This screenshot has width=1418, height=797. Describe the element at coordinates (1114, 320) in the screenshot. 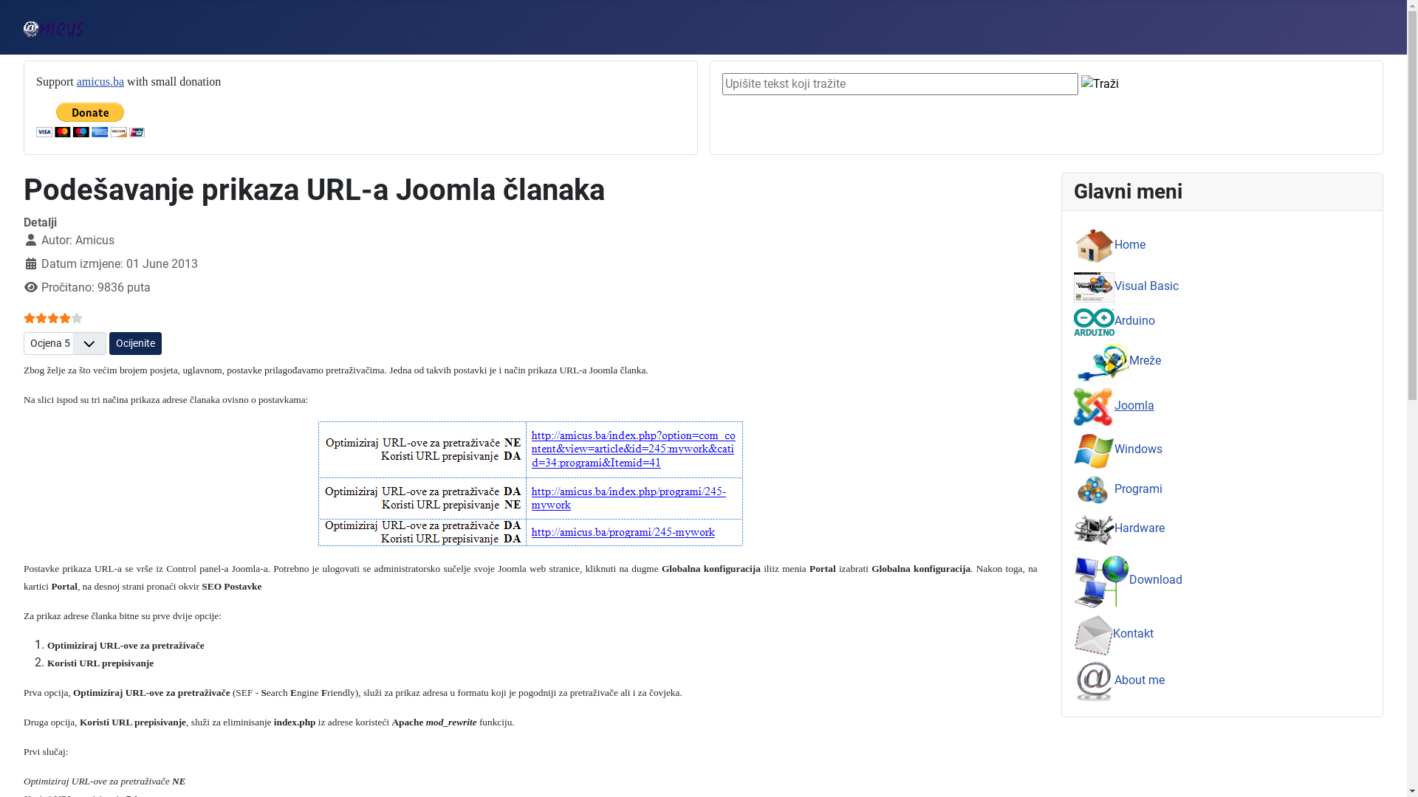

I see `'Arduino'` at that location.